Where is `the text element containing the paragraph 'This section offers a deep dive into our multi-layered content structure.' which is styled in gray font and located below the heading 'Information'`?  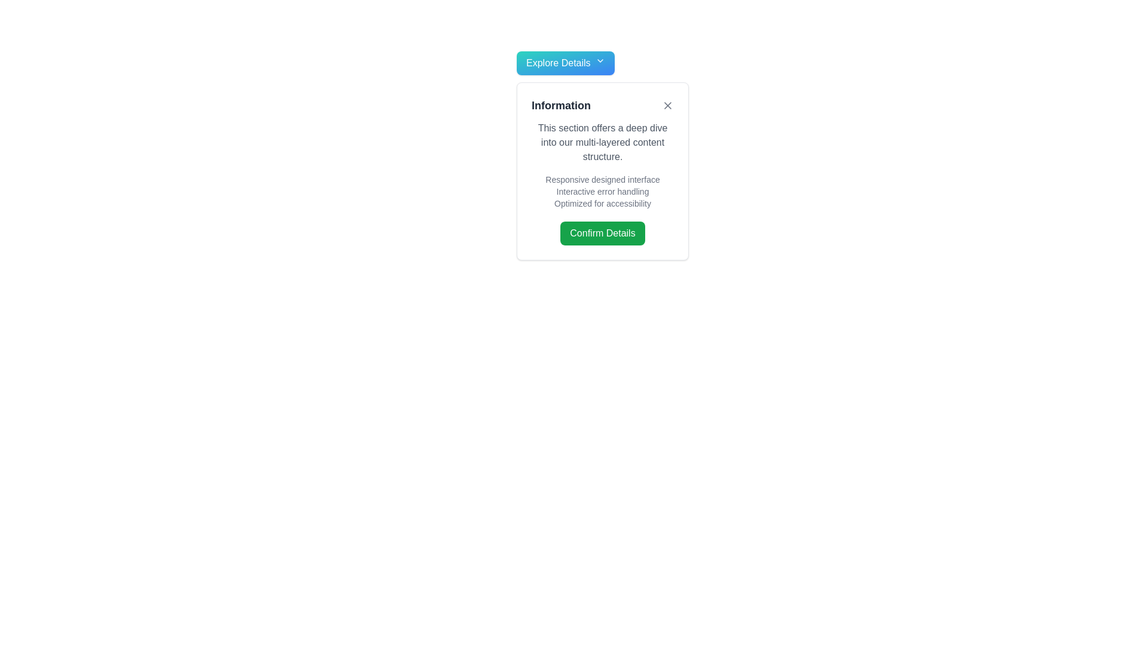 the text element containing the paragraph 'This section offers a deep dive into our multi-layered content structure.' which is styled in gray font and located below the heading 'Information' is located at coordinates (602, 142).